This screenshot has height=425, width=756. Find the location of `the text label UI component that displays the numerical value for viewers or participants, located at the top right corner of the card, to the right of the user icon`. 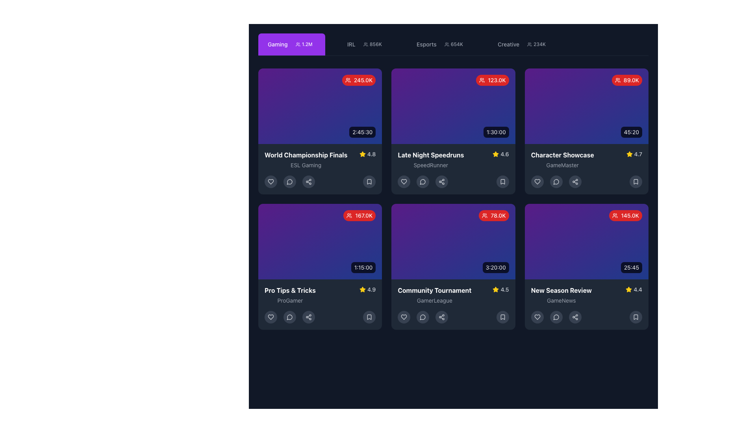

the text label UI component that displays the numerical value for viewers or participants, located at the top right corner of the card, to the right of the user icon is located at coordinates (363, 215).